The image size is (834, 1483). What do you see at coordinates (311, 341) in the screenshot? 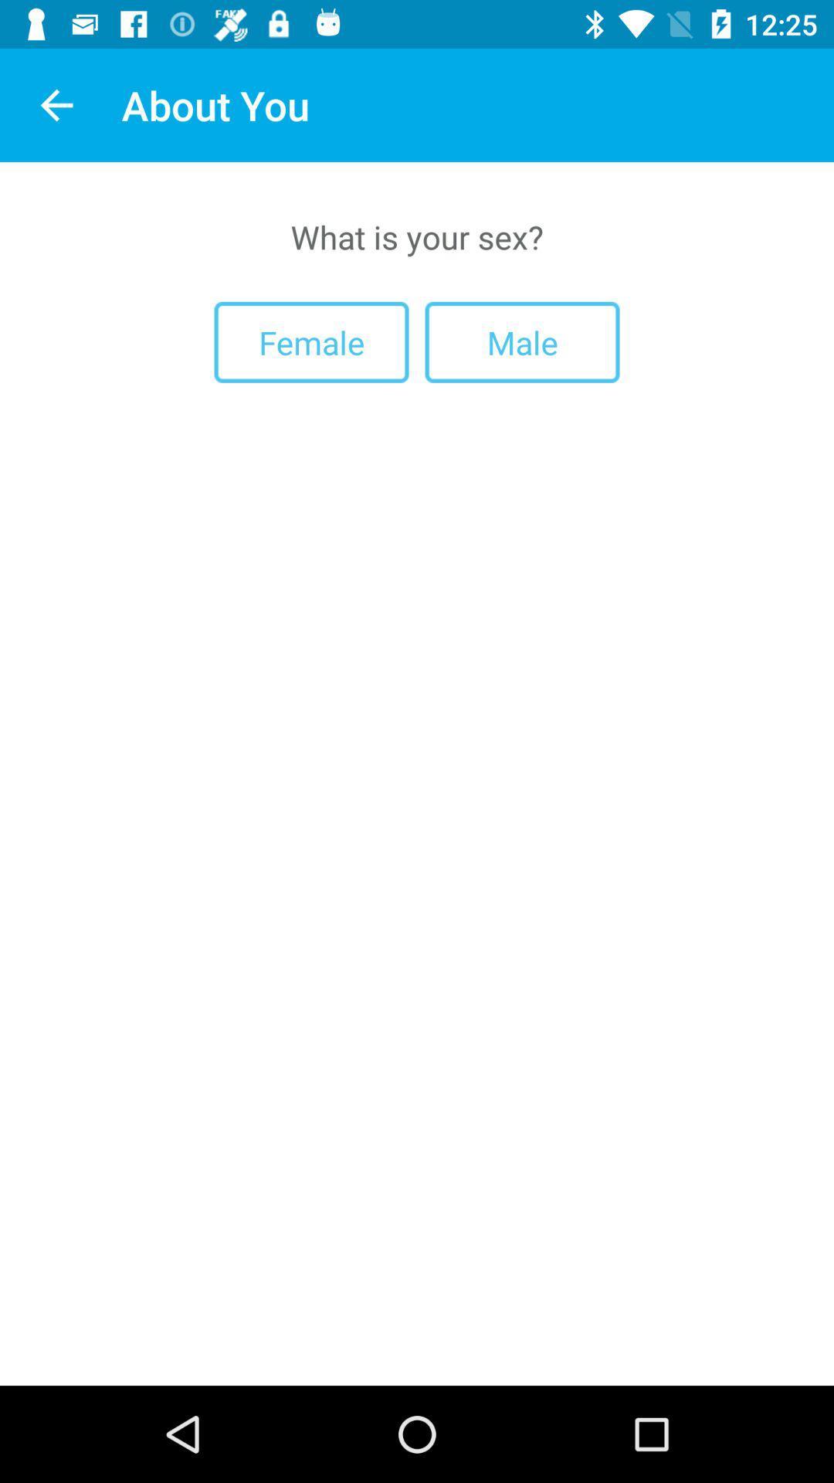
I see `the item below the what is your` at bounding box center [311, 341].